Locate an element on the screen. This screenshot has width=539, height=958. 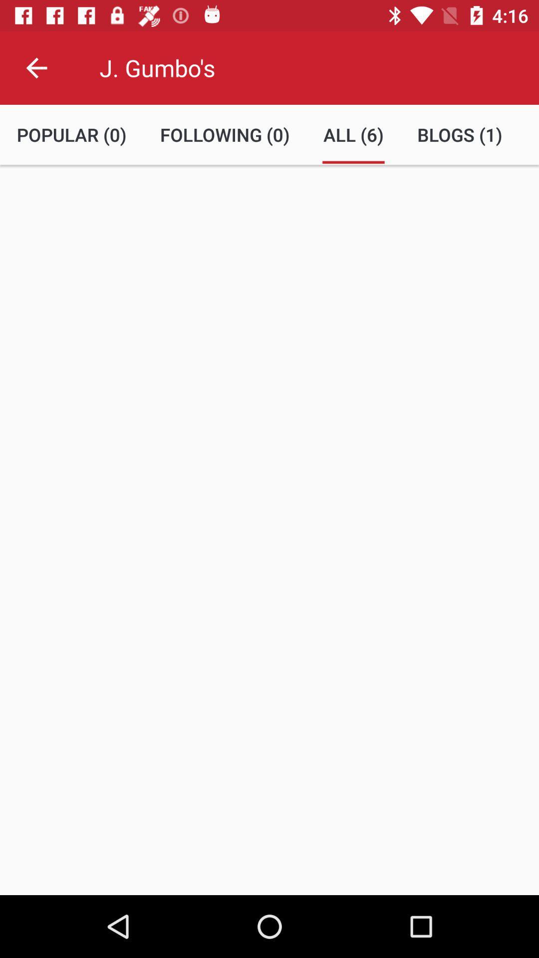
item to the left of blogs (1) icon is located at coordinates (353, 134).